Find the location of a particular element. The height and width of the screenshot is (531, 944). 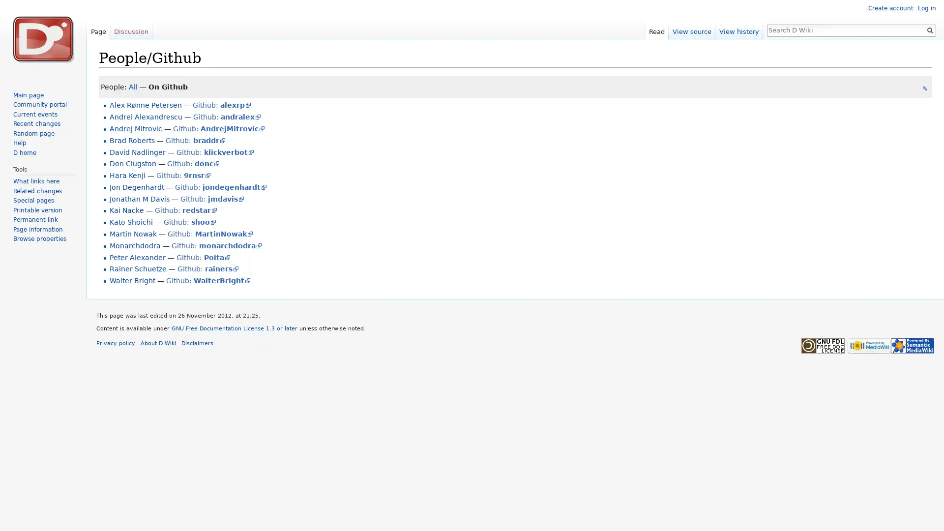

Go is located at coordinates (929, 29).